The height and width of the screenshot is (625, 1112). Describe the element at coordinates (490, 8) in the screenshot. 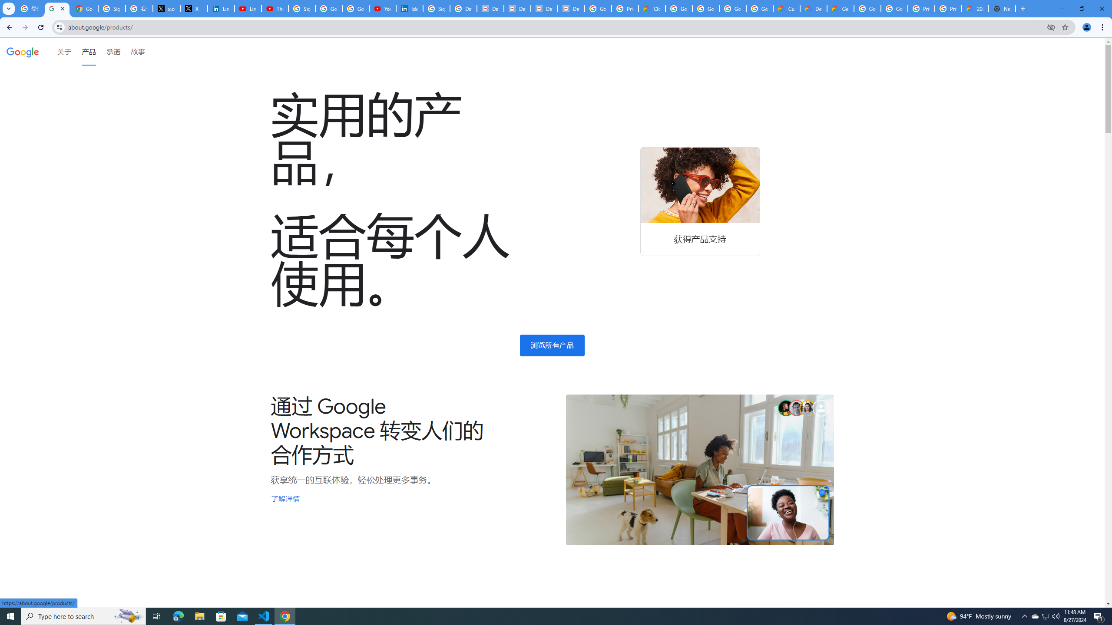

I see `'Data Privacy Framework'` at that location.